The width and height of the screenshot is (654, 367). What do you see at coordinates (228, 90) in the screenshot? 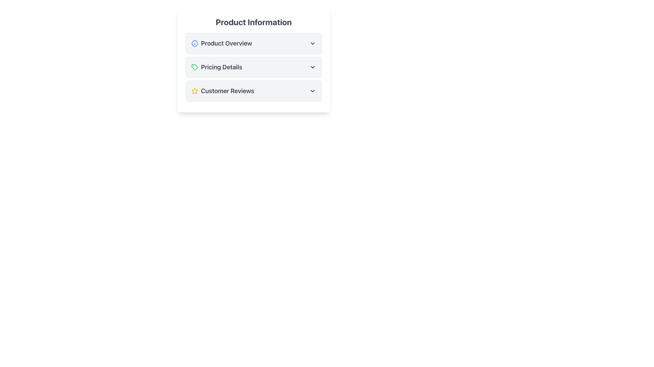
I see `the 'Customer Reviews' text label` at bounding box center [228, 90].